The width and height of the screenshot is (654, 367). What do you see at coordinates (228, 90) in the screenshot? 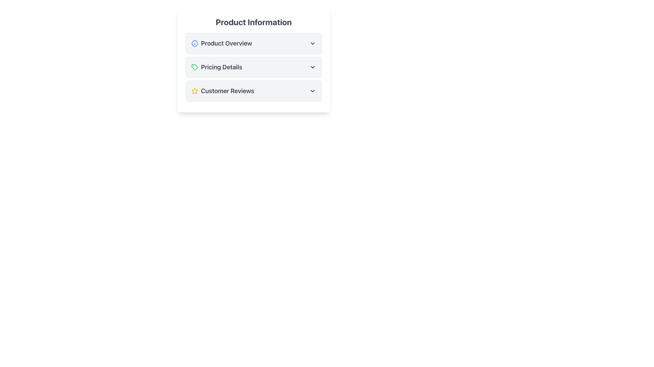
I see `the 'Customer Reviews' text label` at bounding box center [228, 90].